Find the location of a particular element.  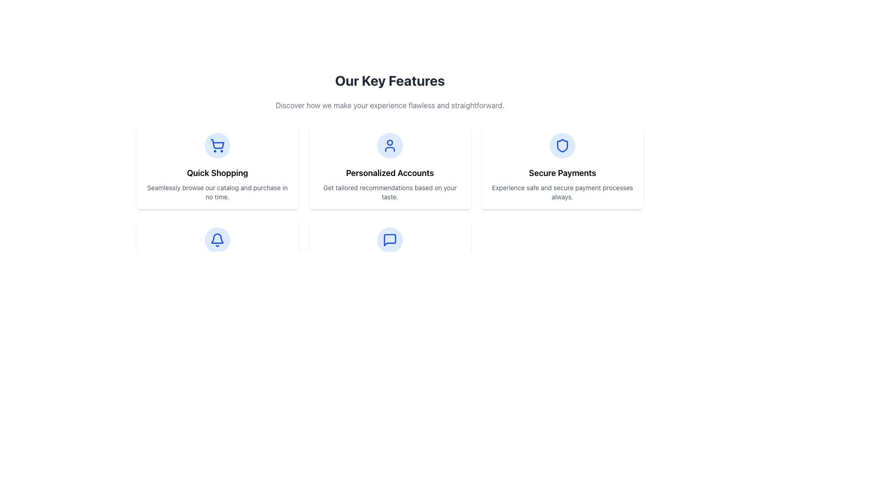

text content displayed in the Text element that shows the phrase 'Experience safe and secure payment processes always.' located below the 'Secure Payments' header within a white rectangular card is located at coordinates (562, 192).